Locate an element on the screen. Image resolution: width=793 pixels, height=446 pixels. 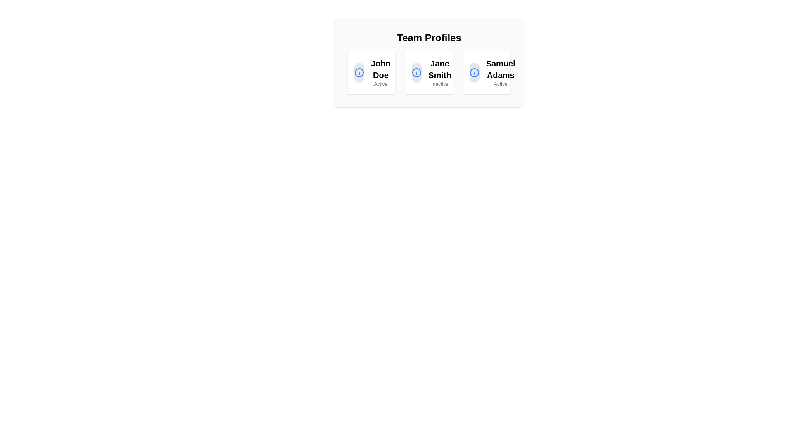
the text label indicating the current status of the profile 'Jane Smith', which is located in the center of three profile cards is located at coordinates (439, 84).